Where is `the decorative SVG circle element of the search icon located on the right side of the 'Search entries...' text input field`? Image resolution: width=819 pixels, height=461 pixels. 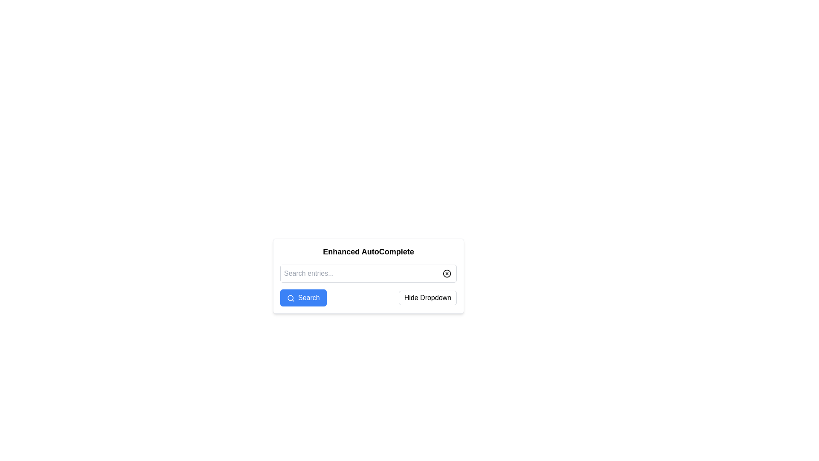 the decorative SVG circle element of the search icon located on the right side of the 'Search entries...' text input field is located at coordinates (290, 298).